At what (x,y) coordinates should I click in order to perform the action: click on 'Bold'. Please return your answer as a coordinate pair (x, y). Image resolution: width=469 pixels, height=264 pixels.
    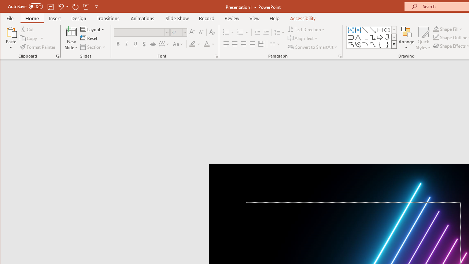
    Looking at the image, I should click on (118, 44).